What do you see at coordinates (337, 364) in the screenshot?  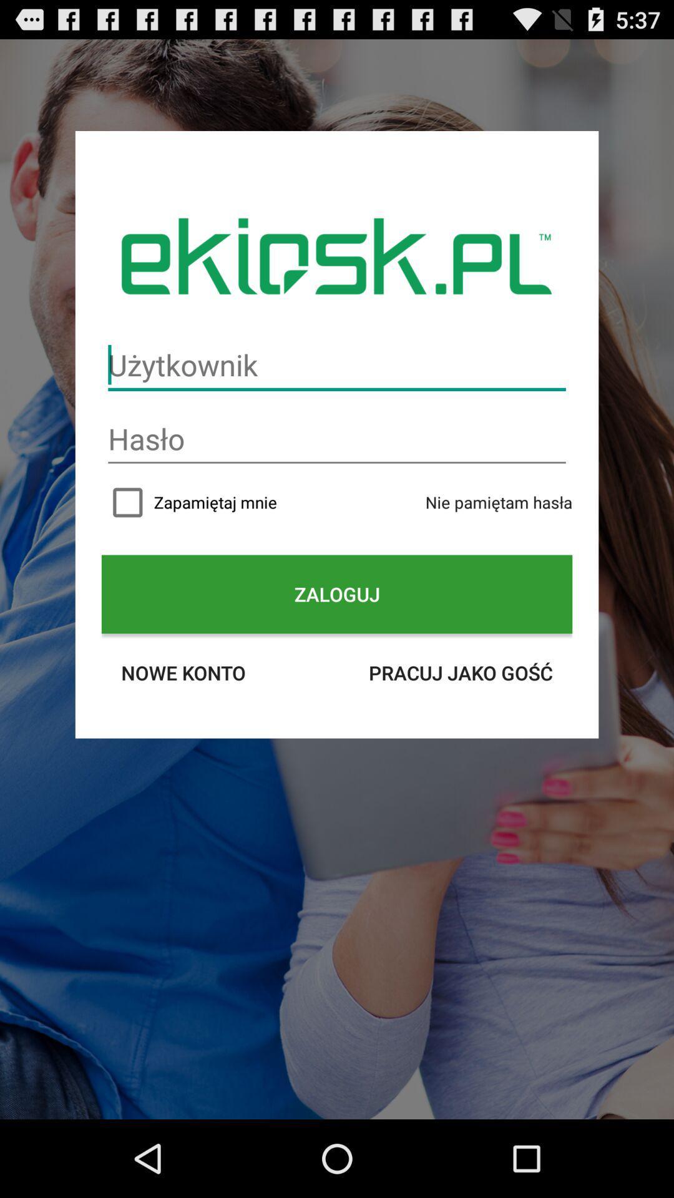 I see `uytkownik` at bounding box center [337, 364].